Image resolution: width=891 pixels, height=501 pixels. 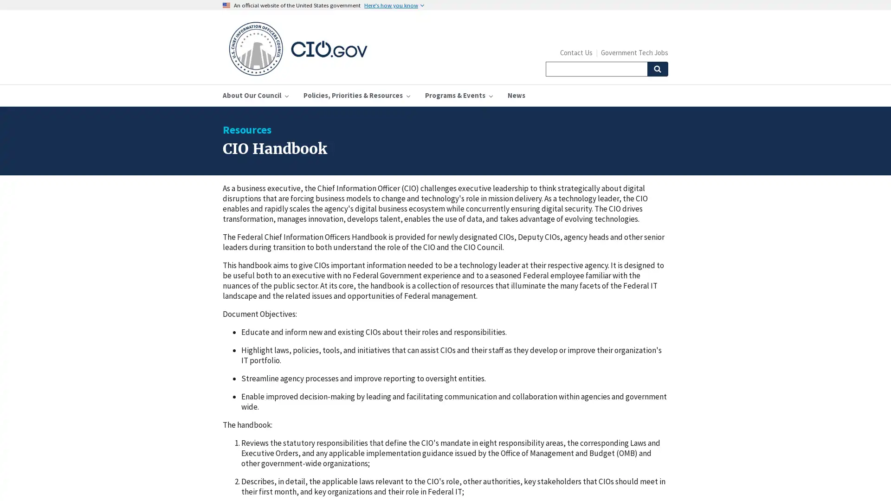 I want to click on Here's how you know, so click(x=394, y=5).